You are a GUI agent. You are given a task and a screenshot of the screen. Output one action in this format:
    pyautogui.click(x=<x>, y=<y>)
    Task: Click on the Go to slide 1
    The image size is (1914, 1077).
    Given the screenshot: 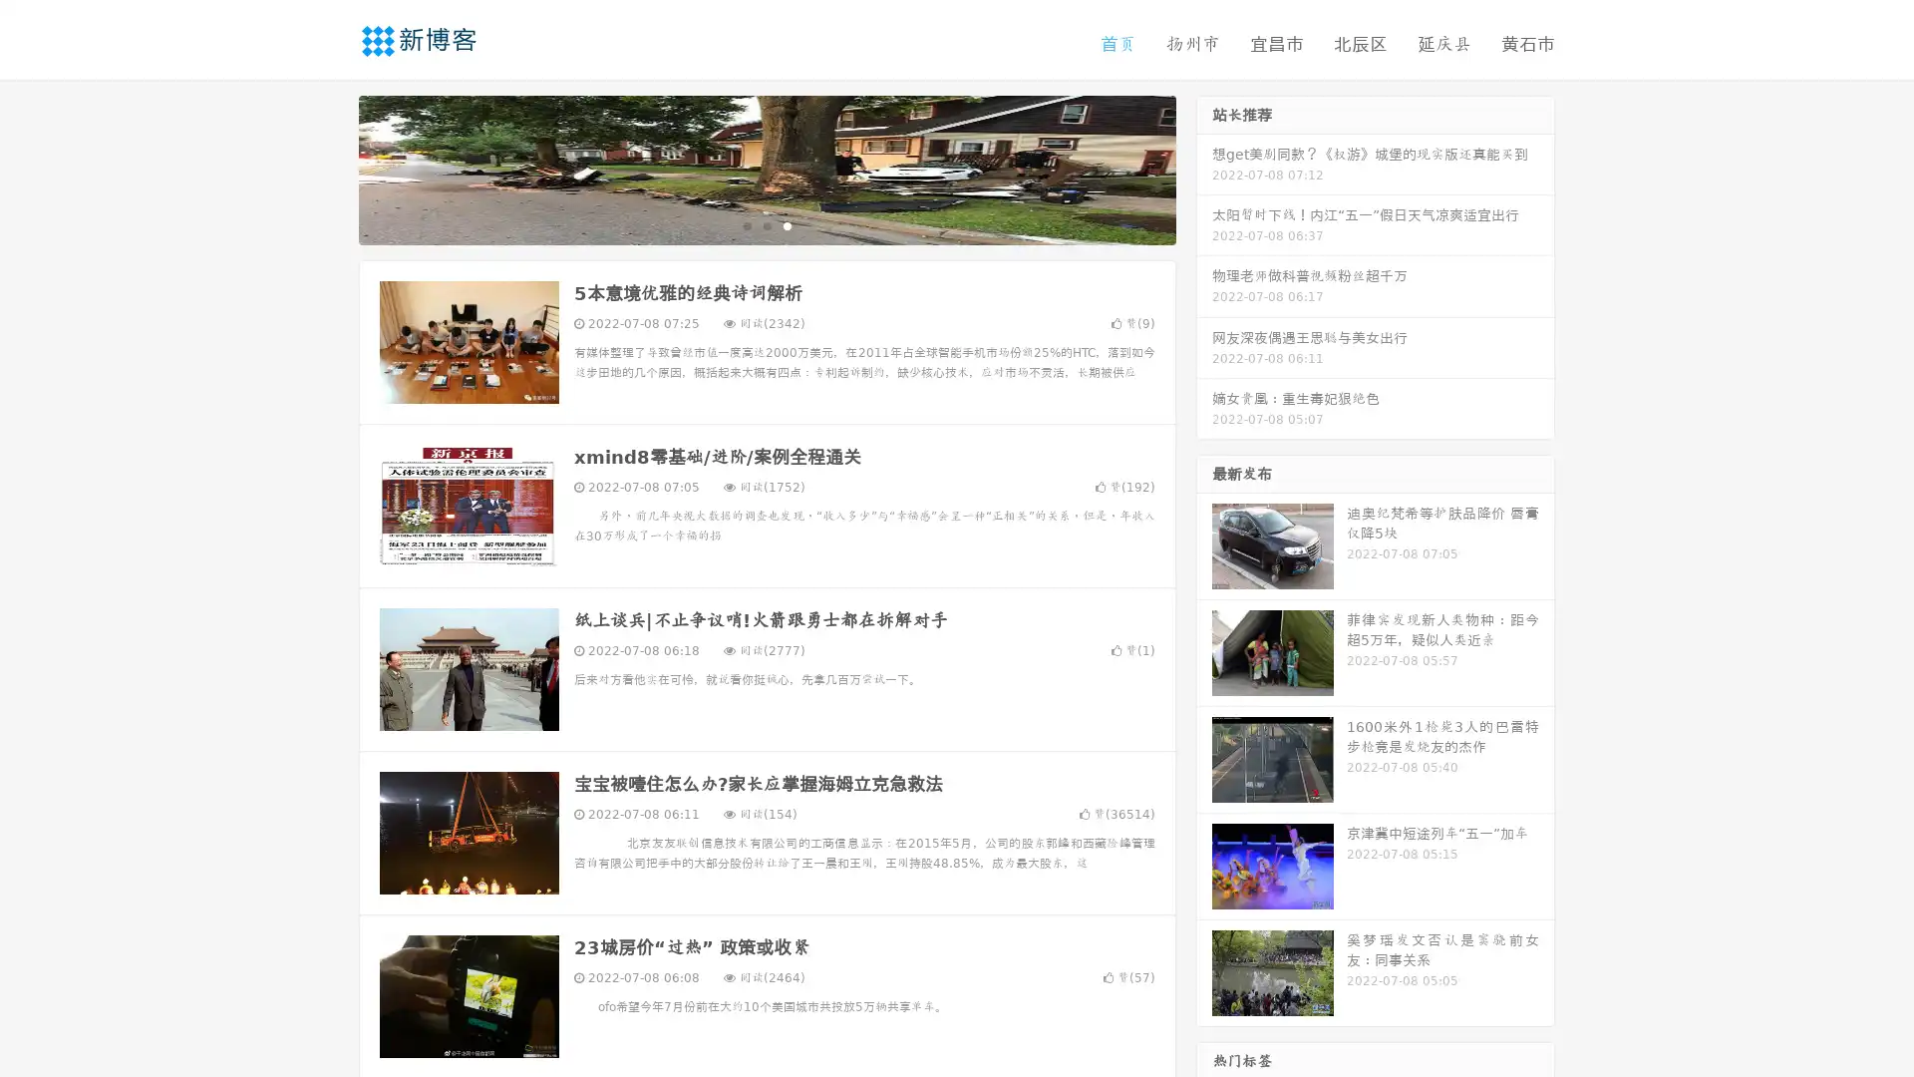 What is the action you would take?
    pyautogui.click(x=746, y=224)
    